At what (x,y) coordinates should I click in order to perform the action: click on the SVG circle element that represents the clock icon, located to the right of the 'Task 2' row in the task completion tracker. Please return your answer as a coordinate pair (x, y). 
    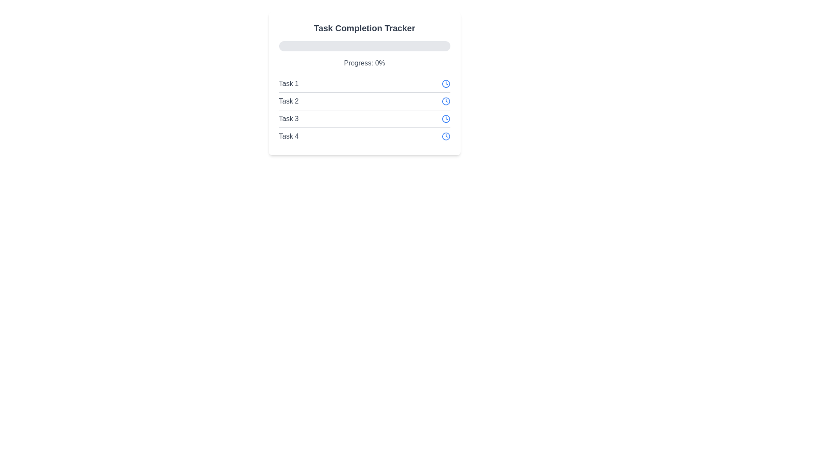
    Looking at the image, I should click on (445, 101).